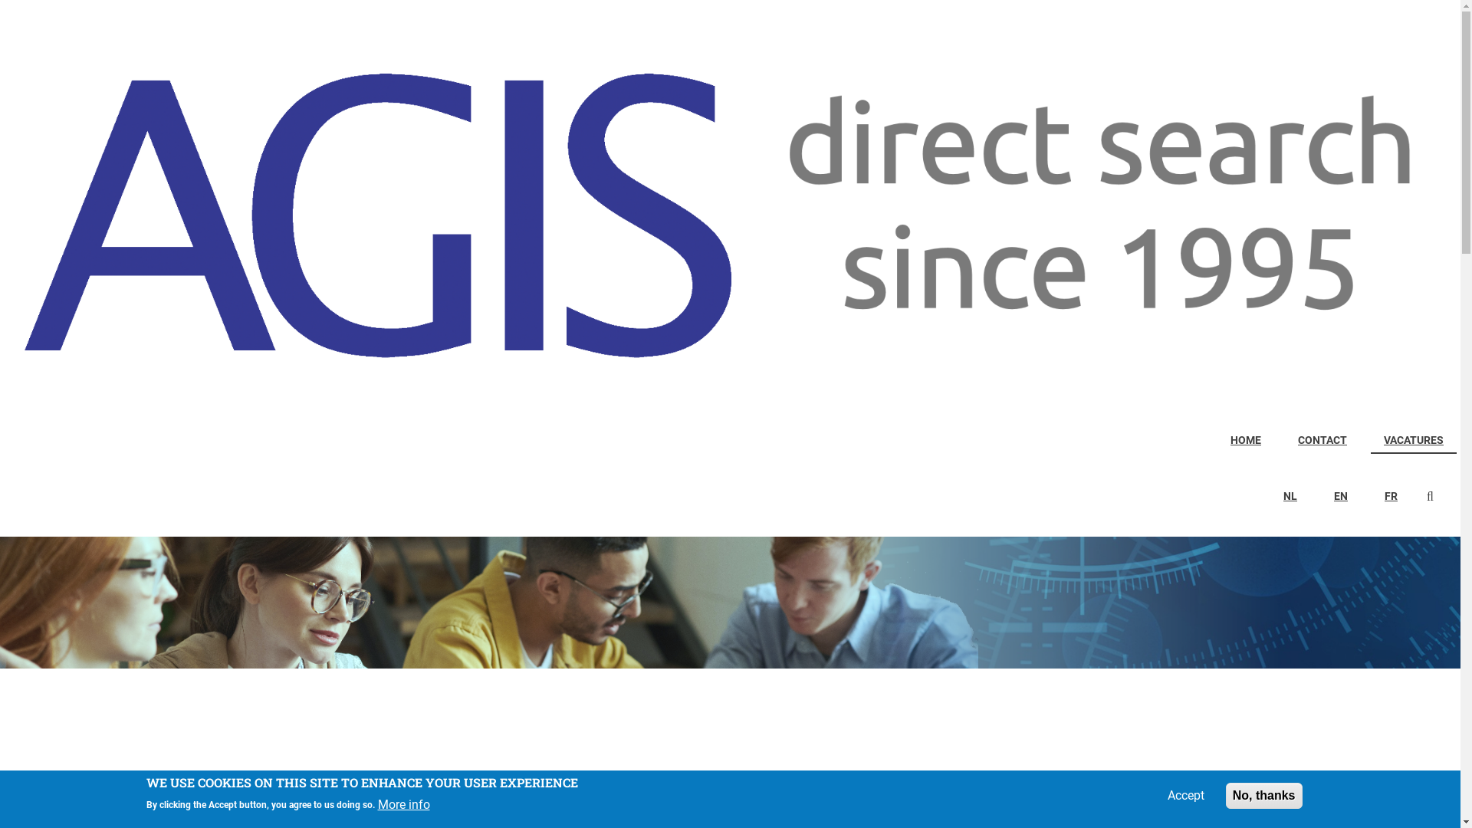 The image size is (1472, 828). I want to click on 'Accept', so click(1184, 795).